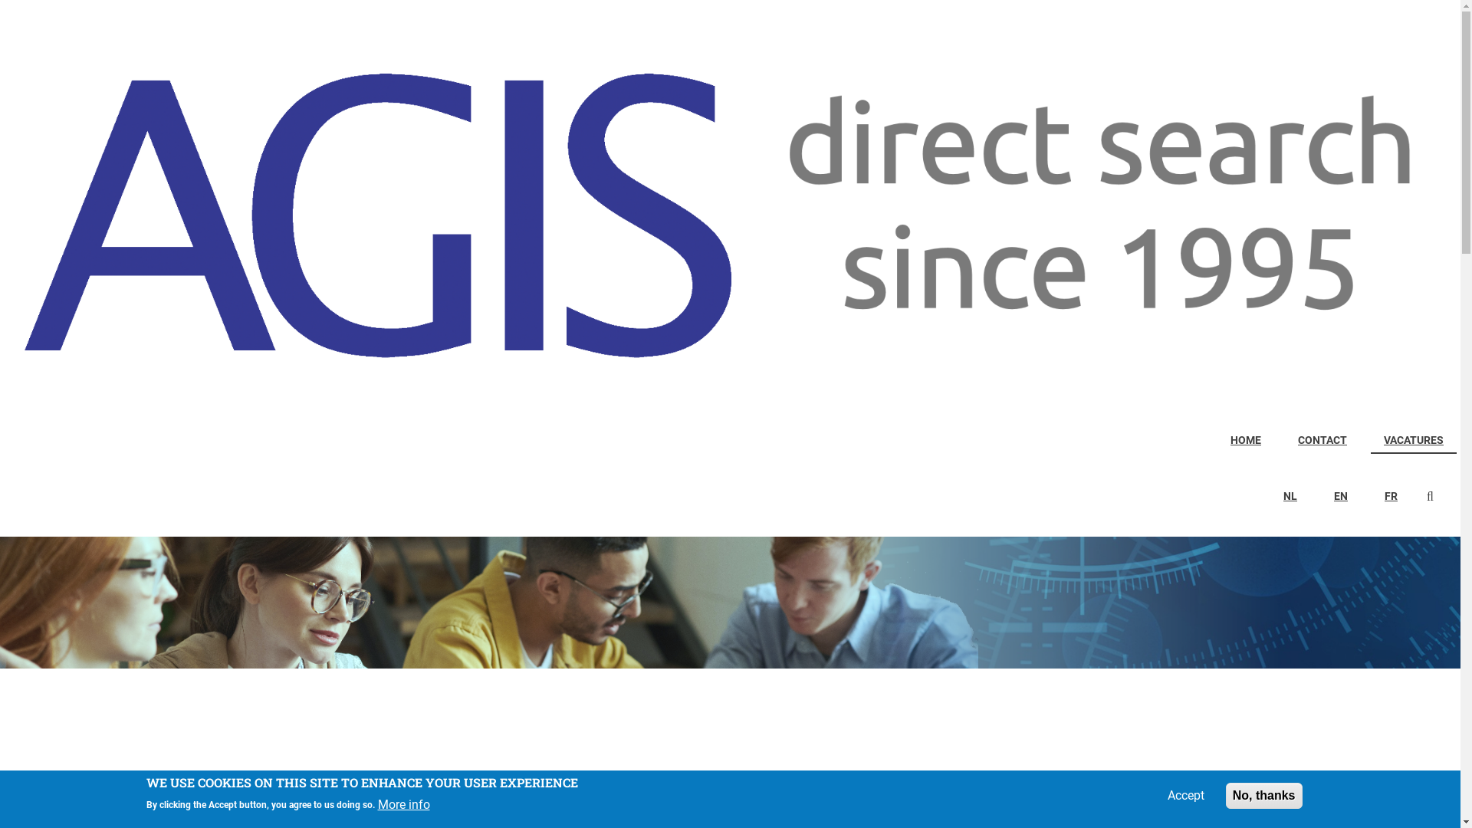 The image size is (1472, 828). I want to click on 'Accept', so click(1184, 795).